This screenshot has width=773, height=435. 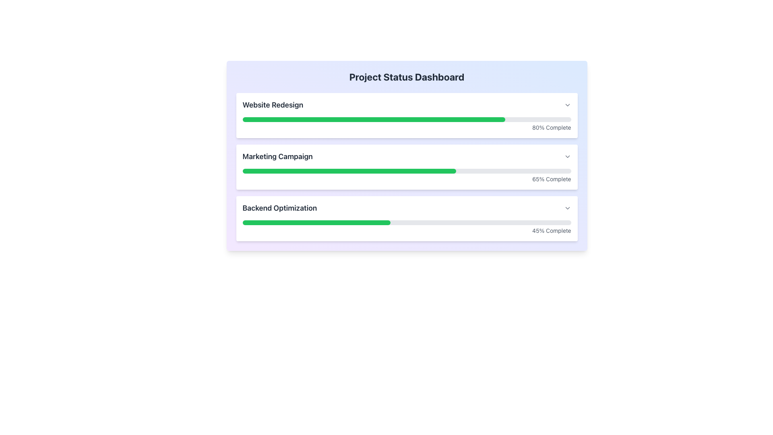 I want to click on the Card element titled 'Backend Optimization' which features a progress bar indicating 45% completion, located at the bottom of a vertical list of similar cards, so click(x=407, y=219).